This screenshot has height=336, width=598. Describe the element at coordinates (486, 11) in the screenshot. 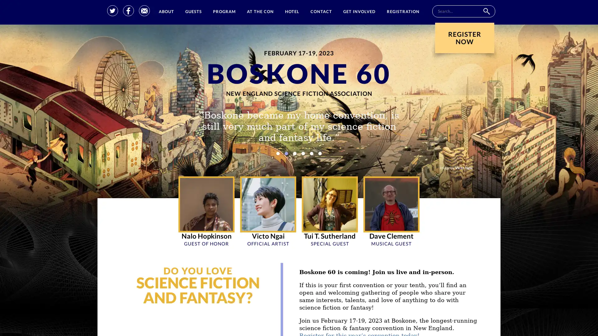

I see `Search` at that location.